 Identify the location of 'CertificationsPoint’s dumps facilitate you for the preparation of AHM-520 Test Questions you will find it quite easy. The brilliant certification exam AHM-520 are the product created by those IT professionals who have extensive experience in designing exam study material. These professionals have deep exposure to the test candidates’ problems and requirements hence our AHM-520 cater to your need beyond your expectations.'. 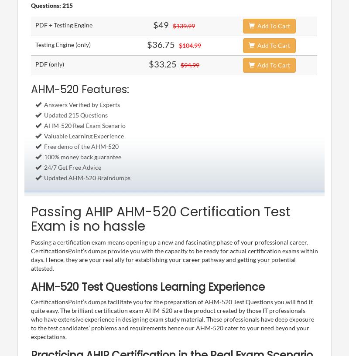
(31, 318).